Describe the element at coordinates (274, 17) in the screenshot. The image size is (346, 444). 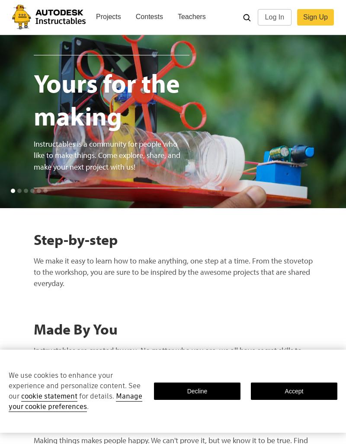
I see `'Log In'` at that location.